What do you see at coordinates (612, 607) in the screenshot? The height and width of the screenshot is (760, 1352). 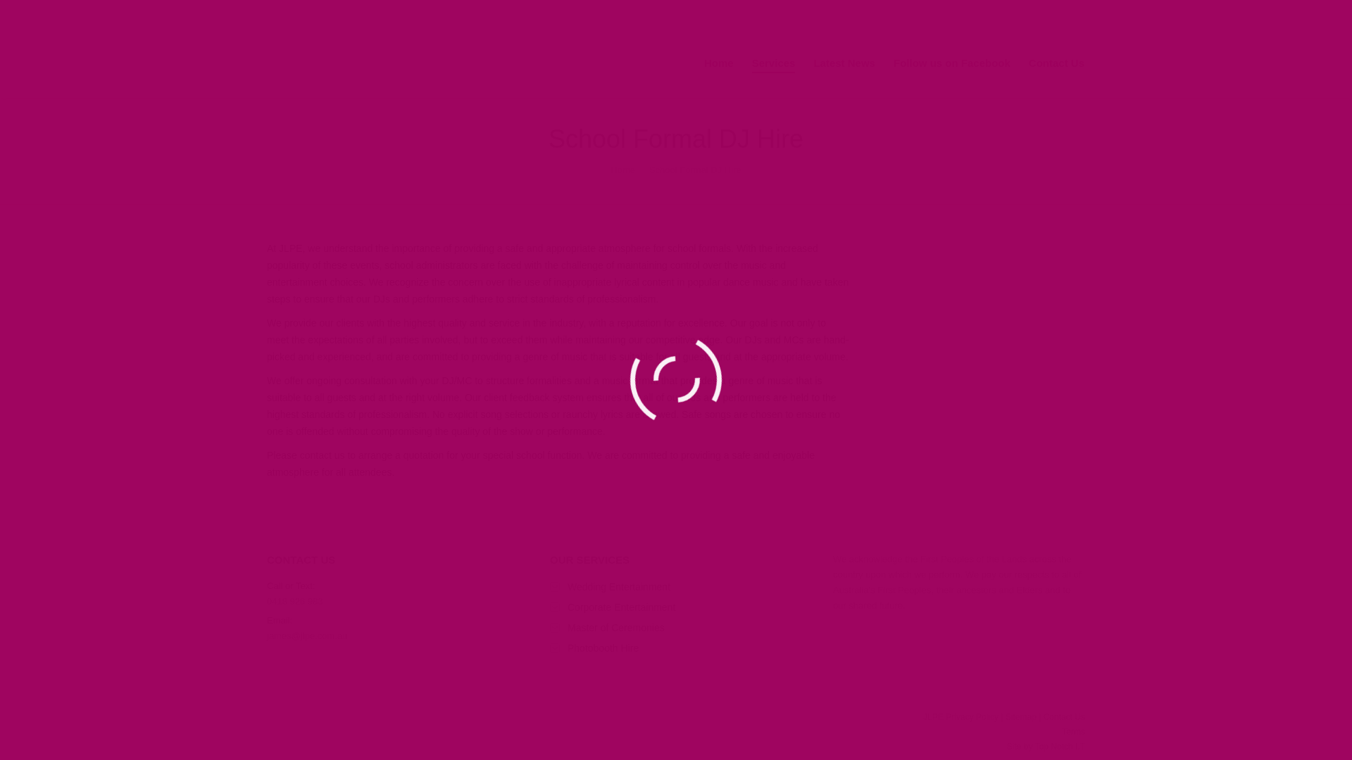 I see `'Corporate Entertainment'` at bounding box center [612, 607].